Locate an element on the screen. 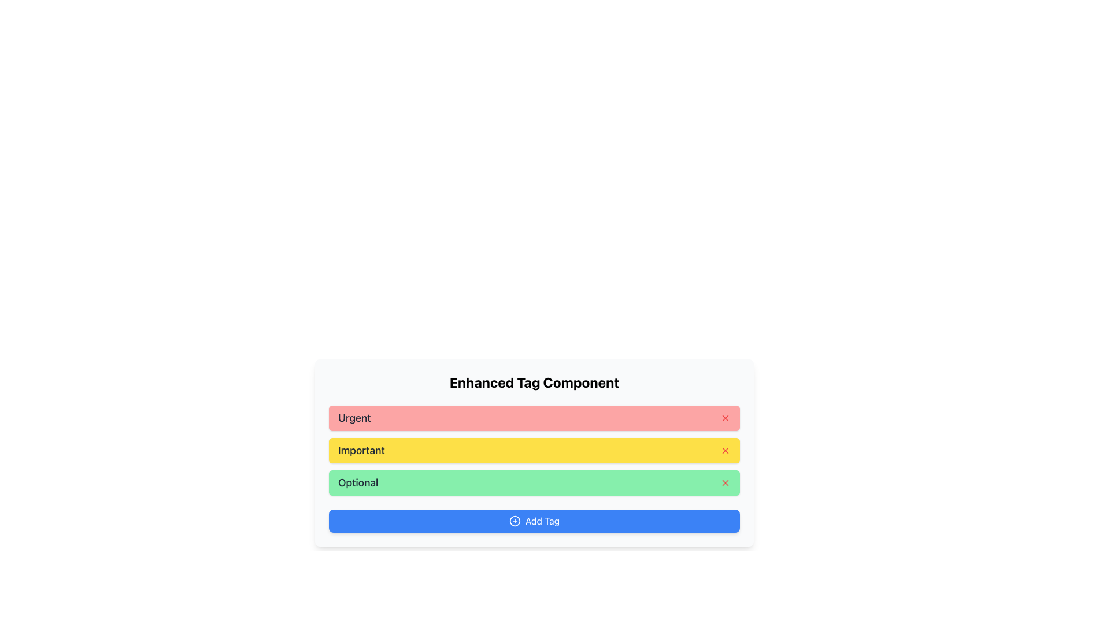 The image size is (1110, 624). the 'Important' tag element, which is a yellow-highlighted rectangular area with rounded corners containing the label 'Important' and a red close icon, positioned between 'Urgent' and 'Optional' is located at coordinates (534, 450).